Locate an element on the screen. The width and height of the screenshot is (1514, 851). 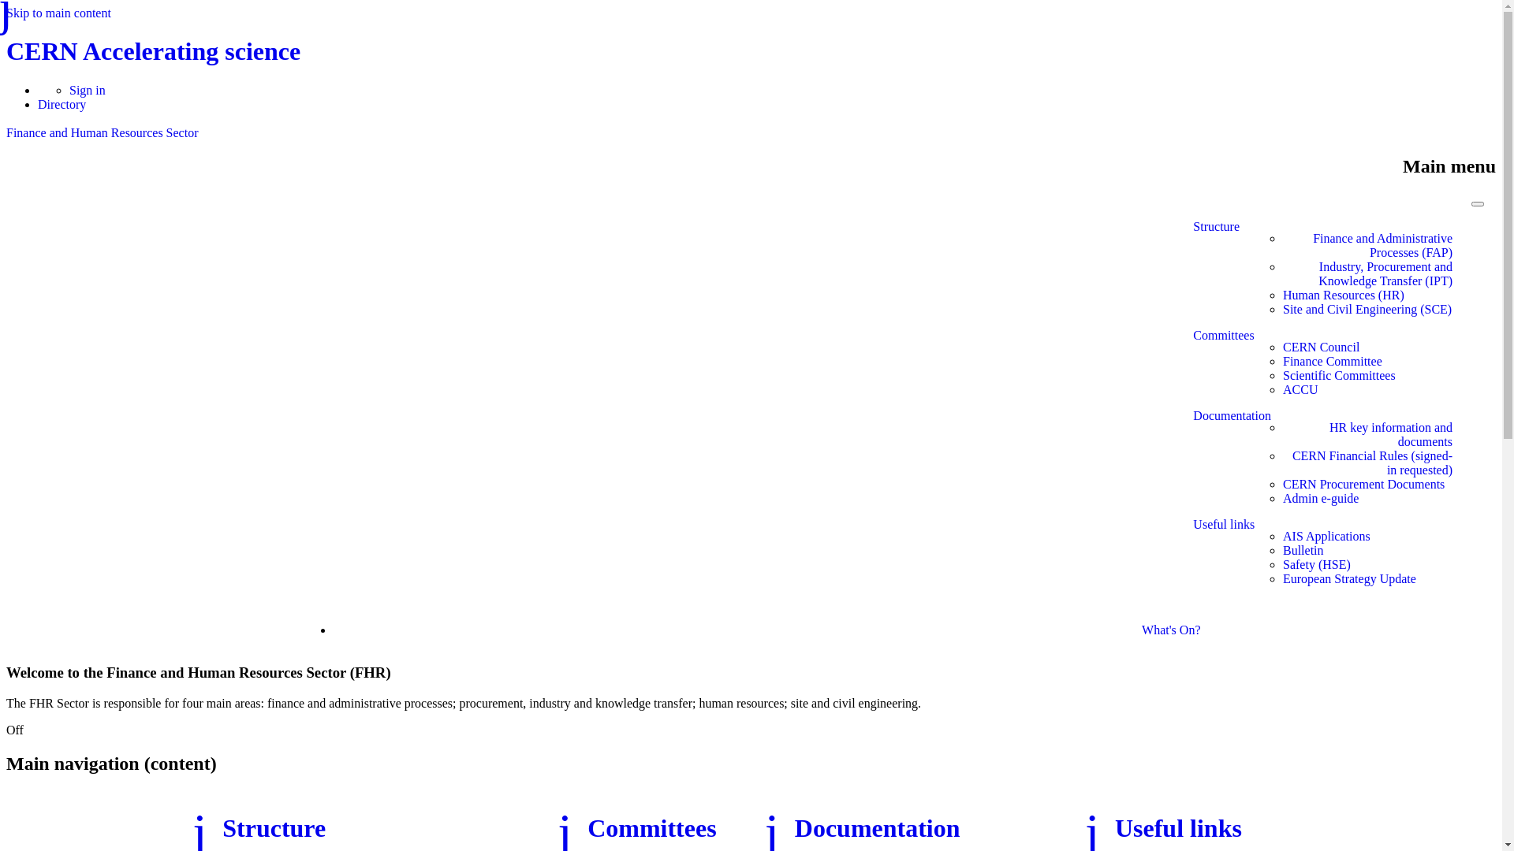
'ACCU' is located at coordinates (1283, 389).